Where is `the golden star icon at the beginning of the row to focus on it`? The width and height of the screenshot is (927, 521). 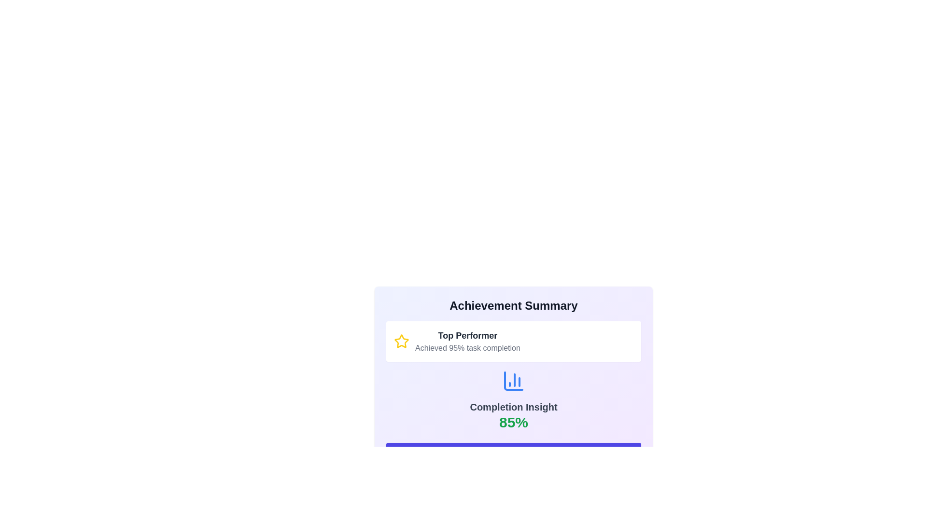
the golden star icon at the beginning of the row to focus on it is located at coordinates (401, 341).